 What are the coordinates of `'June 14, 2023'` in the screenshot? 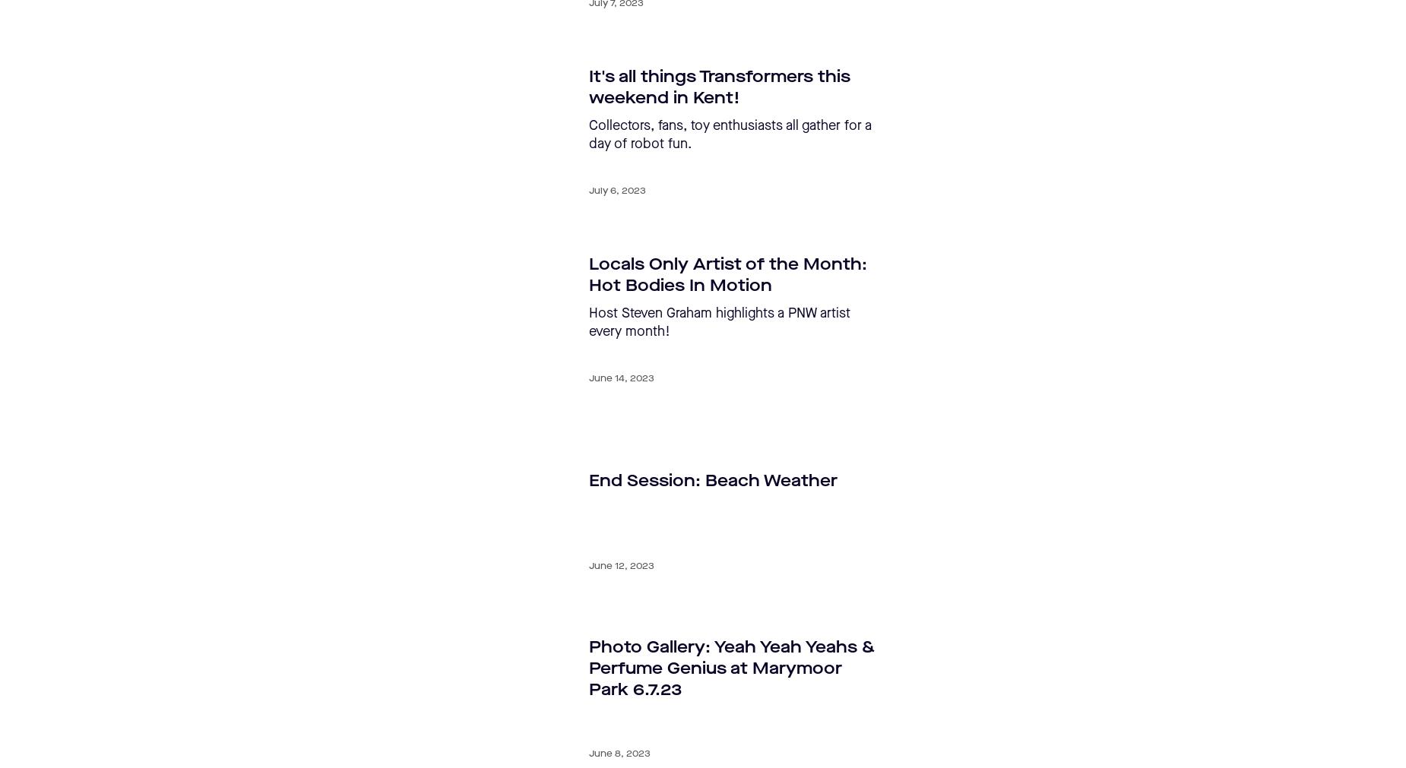 It's located at (622, 378).